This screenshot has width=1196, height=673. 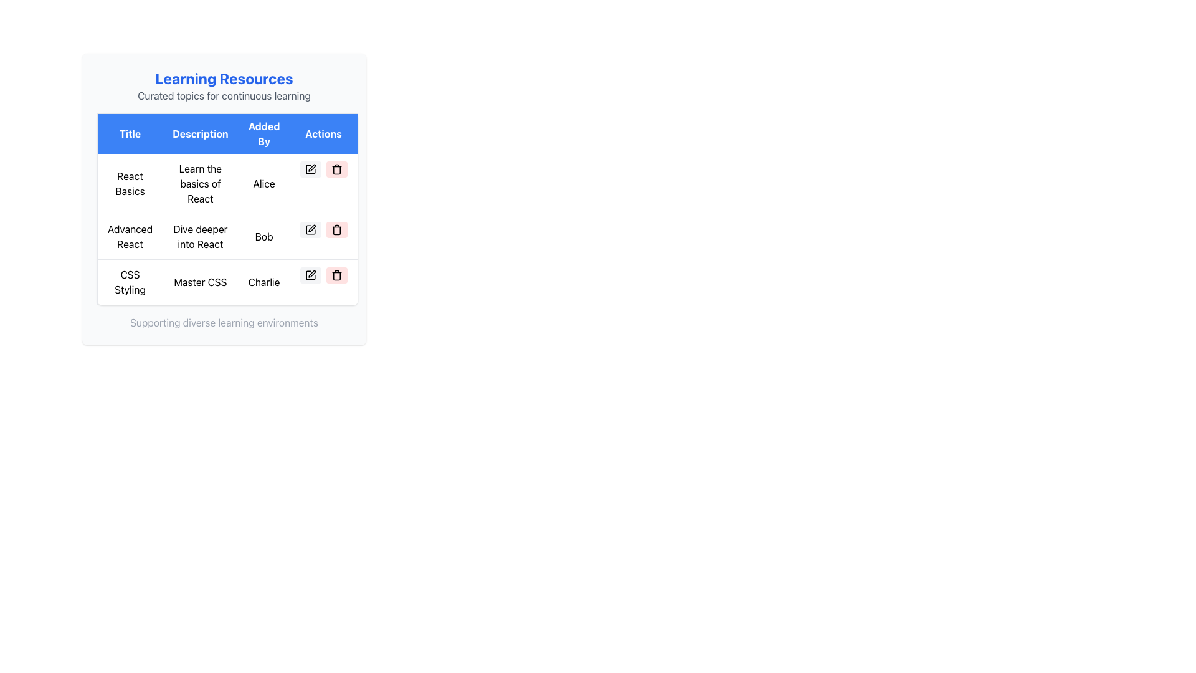 What do you see at coordinates (310, 169) in the screenshot?
I see `the edit button, which is a small pen icon in the 'Actions' column of the first row of the 'Learning Resources' card` at bounding box center [310, 169].